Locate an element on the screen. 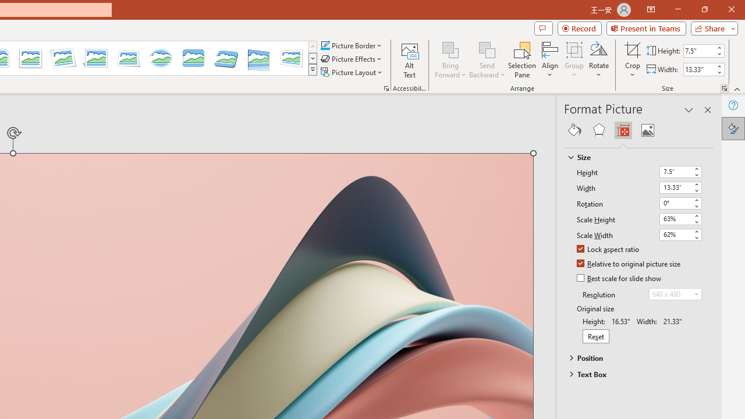 This screenshot has height=419, width=745. 'Size & Properties' is located at coordinates (622, 130).